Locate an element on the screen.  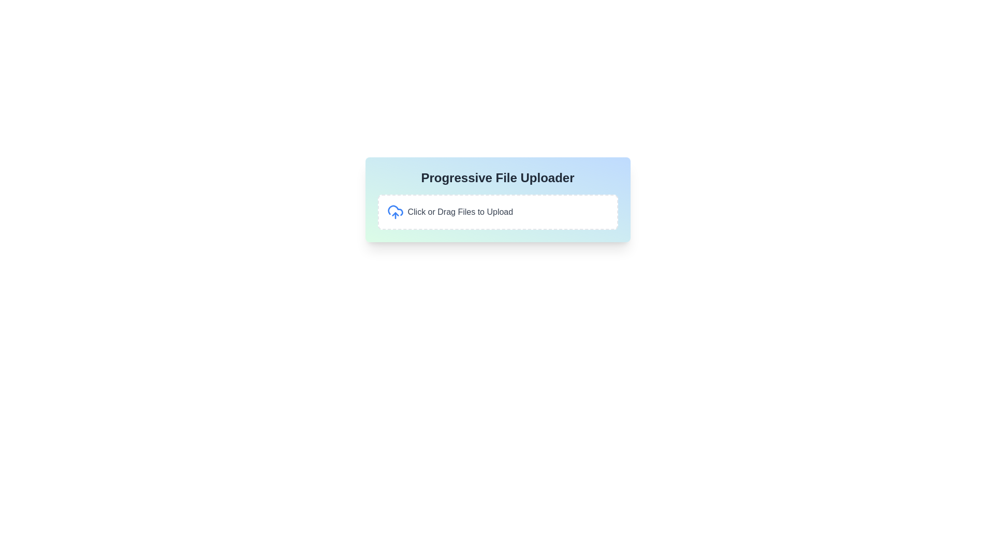
the icon that serves as a graphical indicator for file uploads, located above the text label within the bordered rectangular area labeled 'Click or Drag Files to Upload' is located at coordinates (394, 211).